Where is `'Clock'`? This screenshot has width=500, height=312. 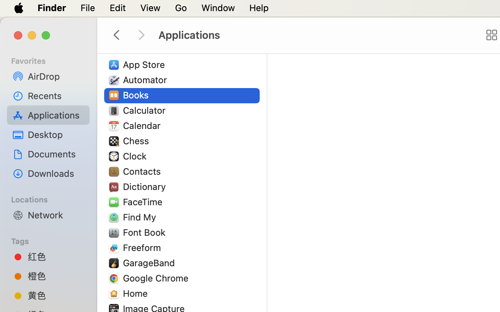
'Clock' is located at coordinates (136, 156).